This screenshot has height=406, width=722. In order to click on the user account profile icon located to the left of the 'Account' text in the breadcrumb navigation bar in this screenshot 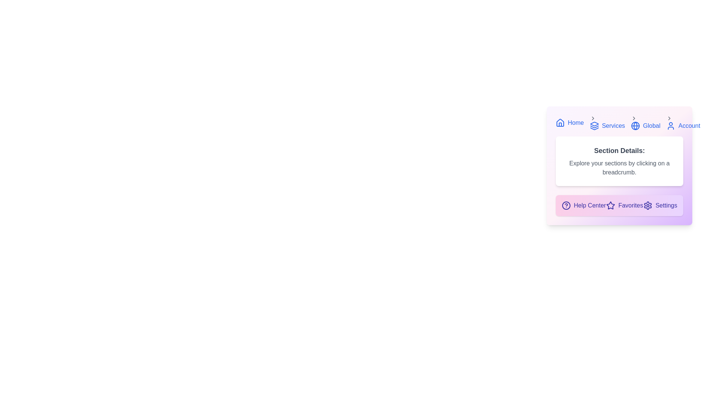, I will do `click(671, 126)`.